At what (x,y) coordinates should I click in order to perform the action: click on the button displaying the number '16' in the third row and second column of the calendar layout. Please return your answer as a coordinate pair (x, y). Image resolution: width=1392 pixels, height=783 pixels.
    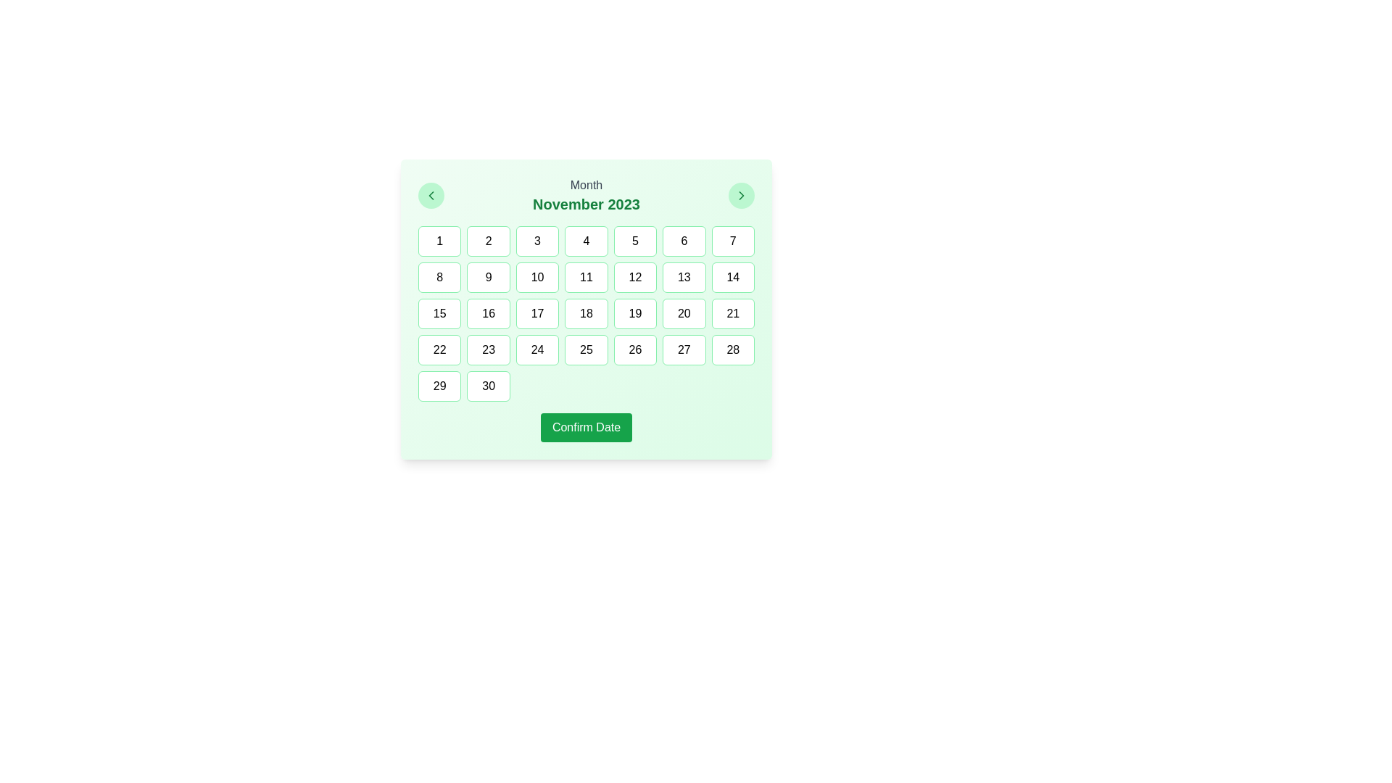
    Looking at the image, I should click on (489, 312).